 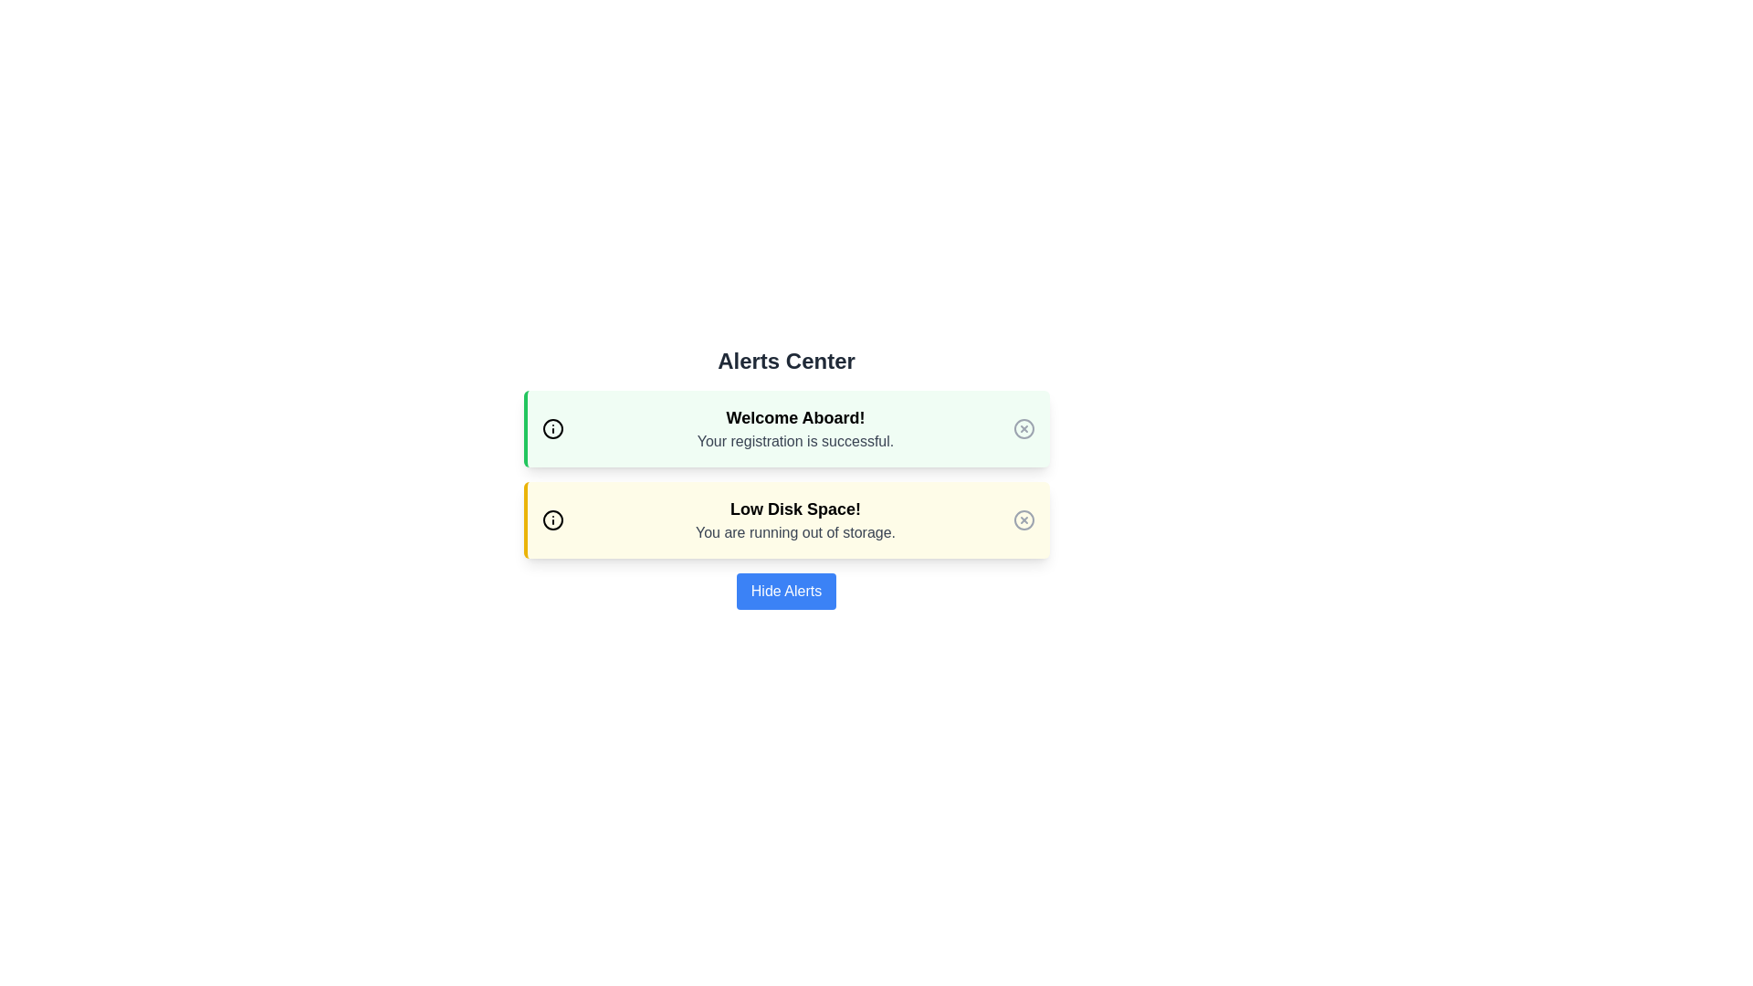 I want to click on the circular close button with a cross symbol at the top-right corner of the yellow alert box, so click(x=1023, y=520).